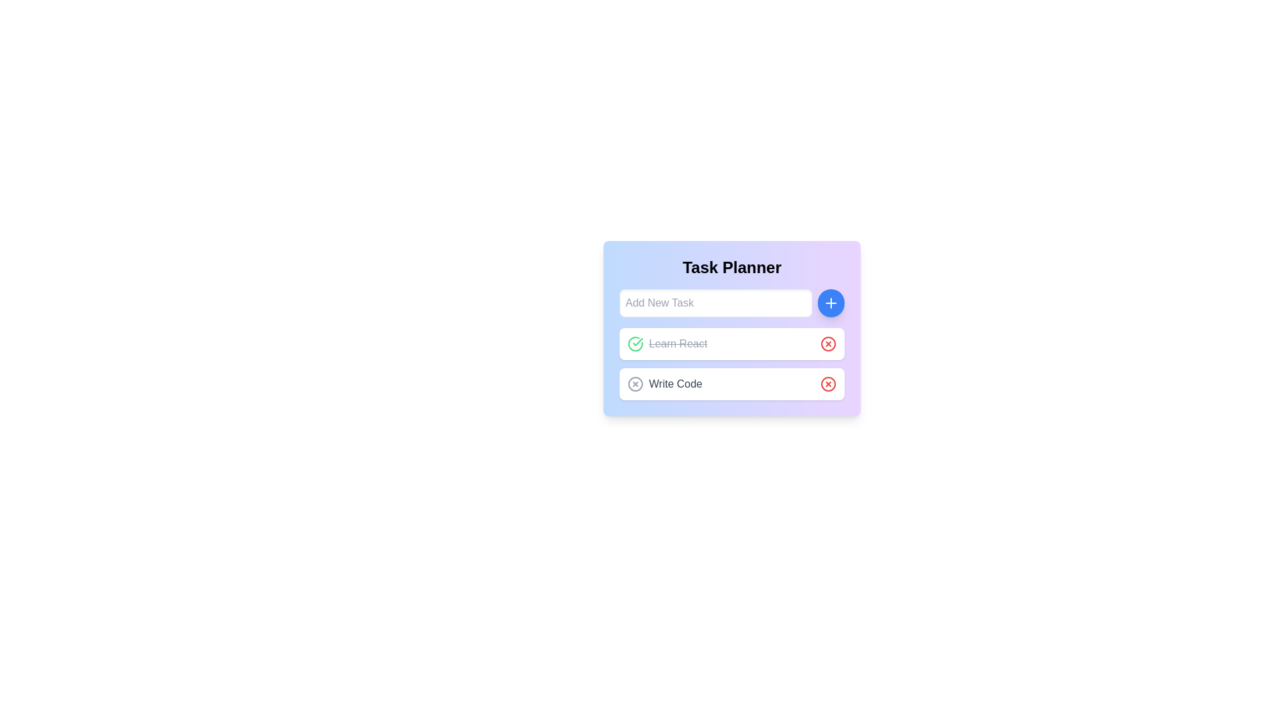  What do you see at coordinates (667, 343) in the screenshot?
I see `the text 'Learn React' with a line-through style and a green checkmark icon, indicating a completed task, located in the second task block of the task list interface` at bounding box center [667, 343].